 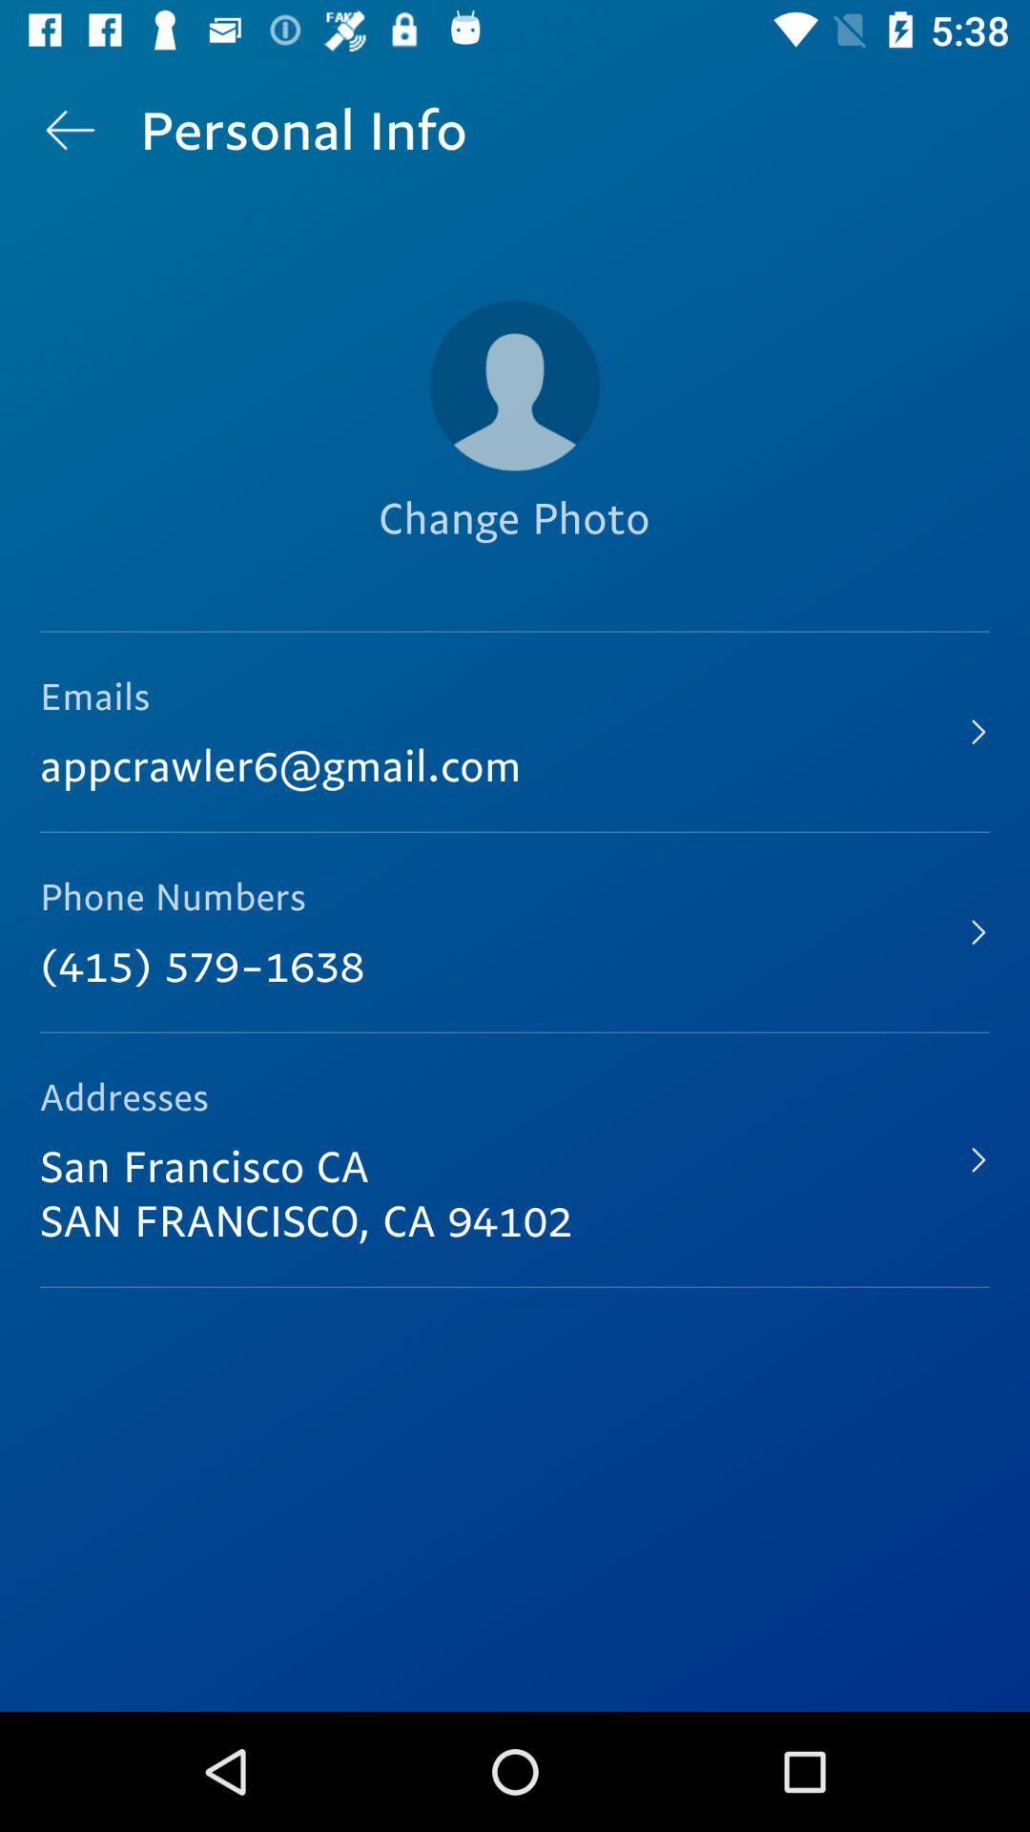 What do you see at coordinates (69, 129) in the screenshot?
I see `icon at the top left corner` at bounding box center [69, 129].